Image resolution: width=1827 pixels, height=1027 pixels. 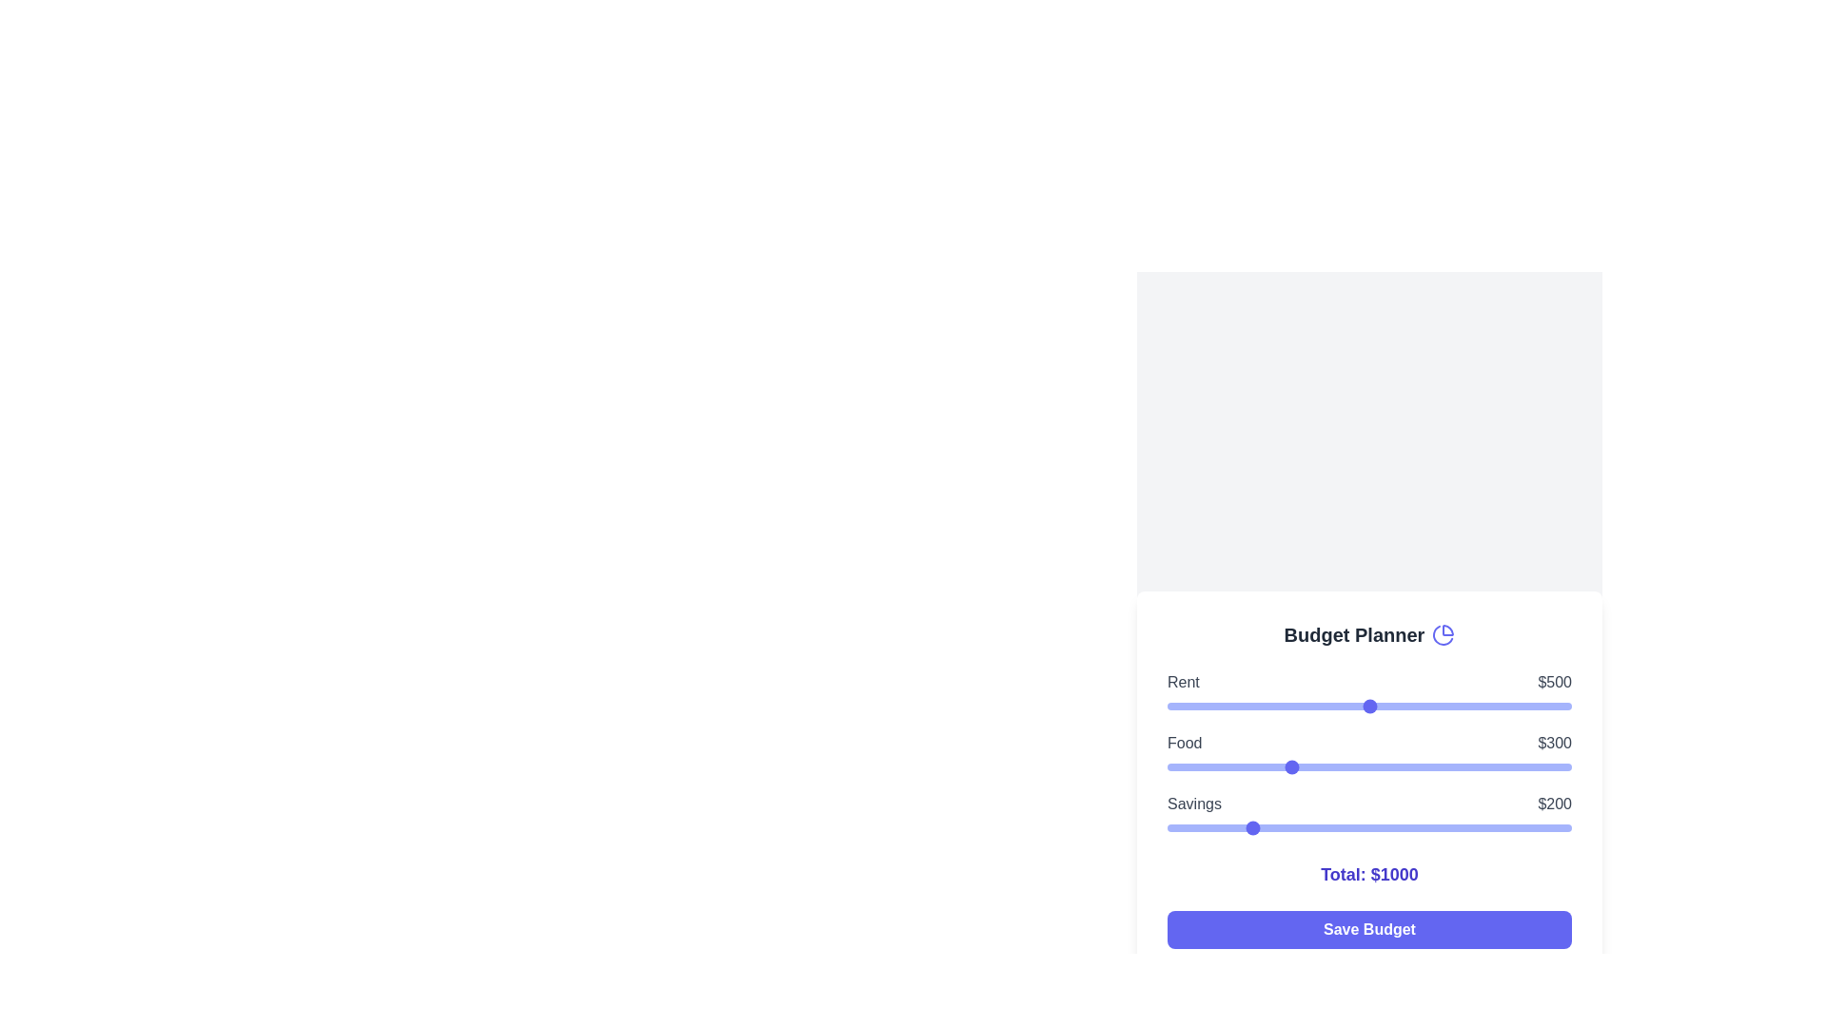 What do you see at coordinates (1241, 765) in the screenshot?
I see `the food budget slider to 182 dollars` at bounding box center [1241, 765].